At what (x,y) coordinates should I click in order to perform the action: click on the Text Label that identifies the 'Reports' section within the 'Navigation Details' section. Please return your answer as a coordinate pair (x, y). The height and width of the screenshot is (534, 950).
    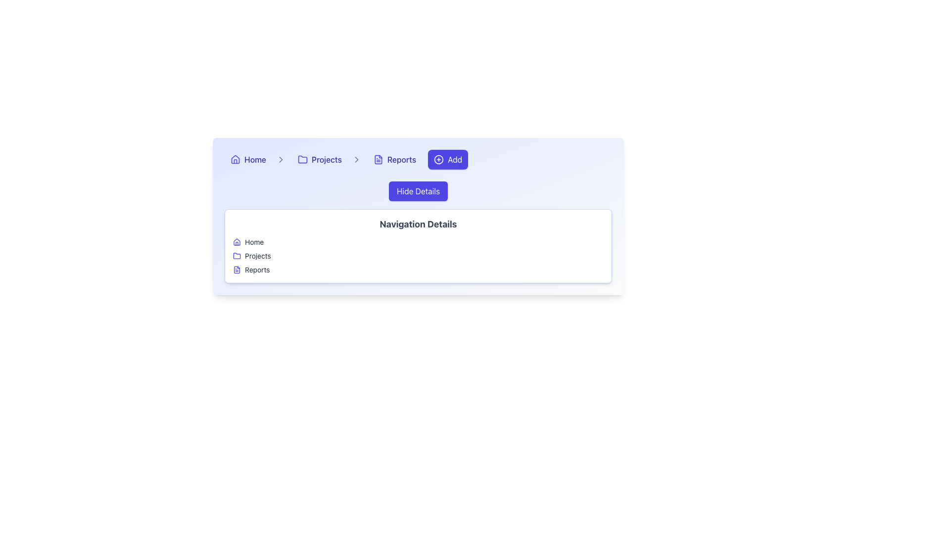
    Looking at the image, I should click on (257, 270).